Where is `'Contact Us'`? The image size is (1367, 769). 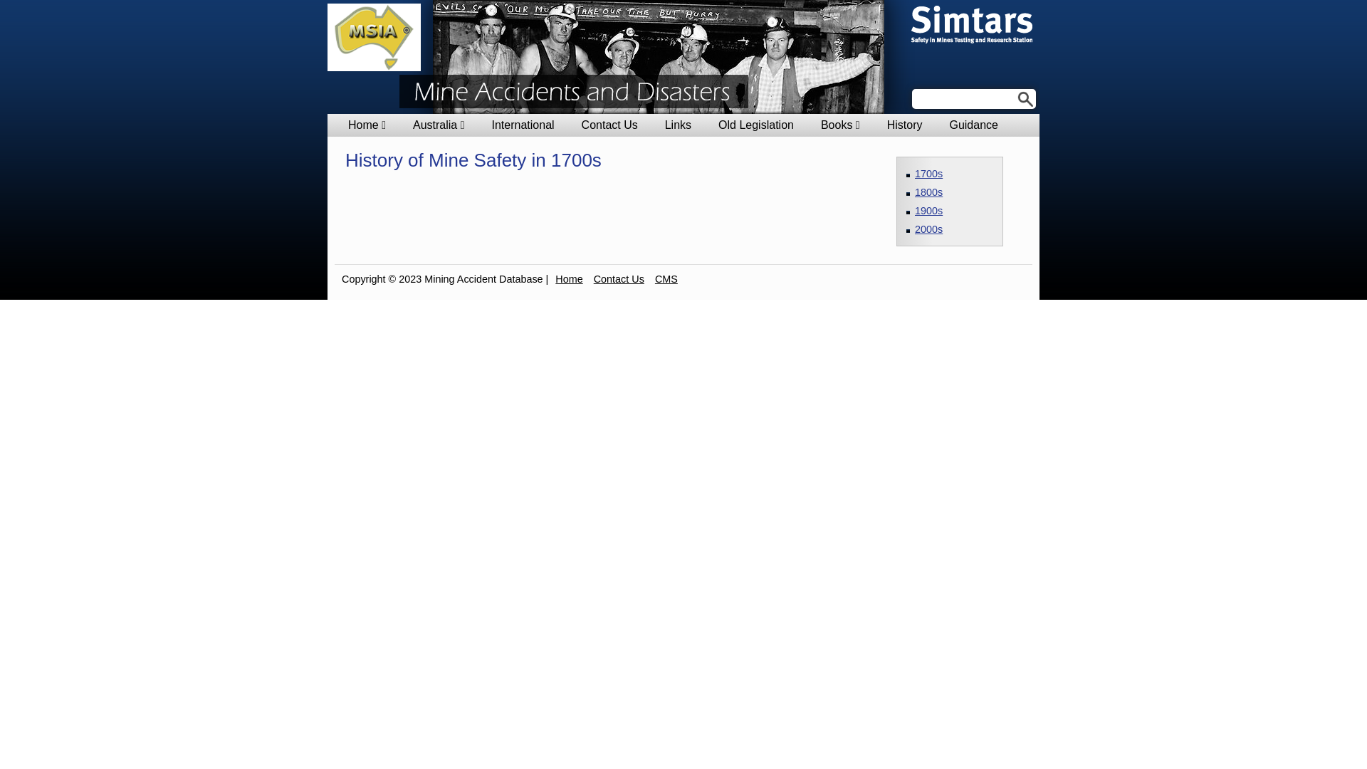 'Contact Us' is located at coordinates (619, 279).